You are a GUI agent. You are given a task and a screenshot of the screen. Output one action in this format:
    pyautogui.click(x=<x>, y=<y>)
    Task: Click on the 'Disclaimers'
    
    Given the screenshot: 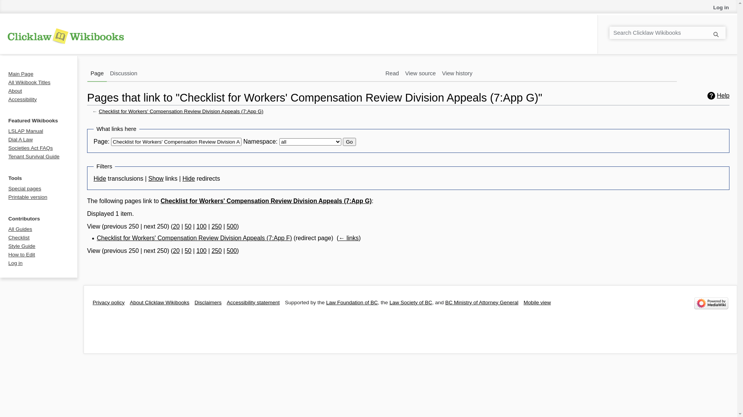 What is the action you would take?
    pyautogui.click(x=208, y=302)
    